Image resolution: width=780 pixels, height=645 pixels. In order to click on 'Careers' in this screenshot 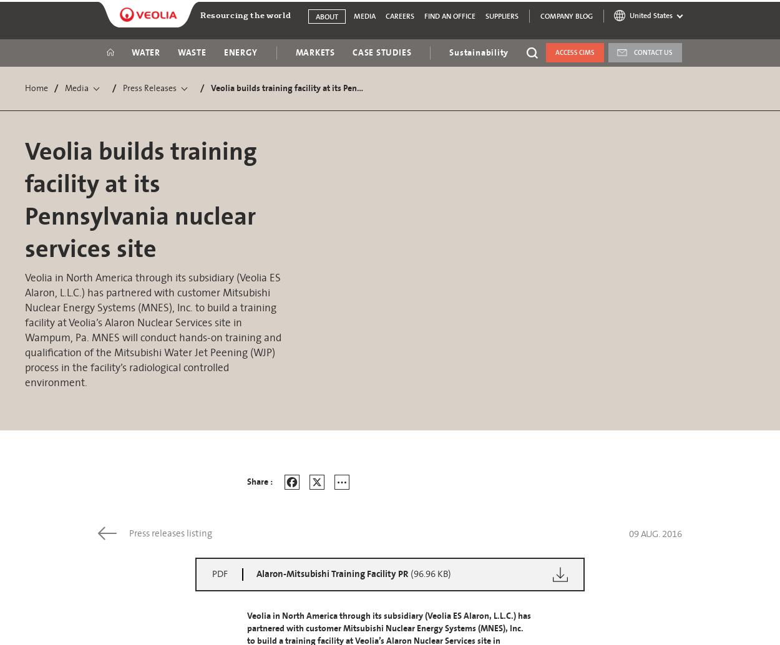, I will do `click(400, 16)`.